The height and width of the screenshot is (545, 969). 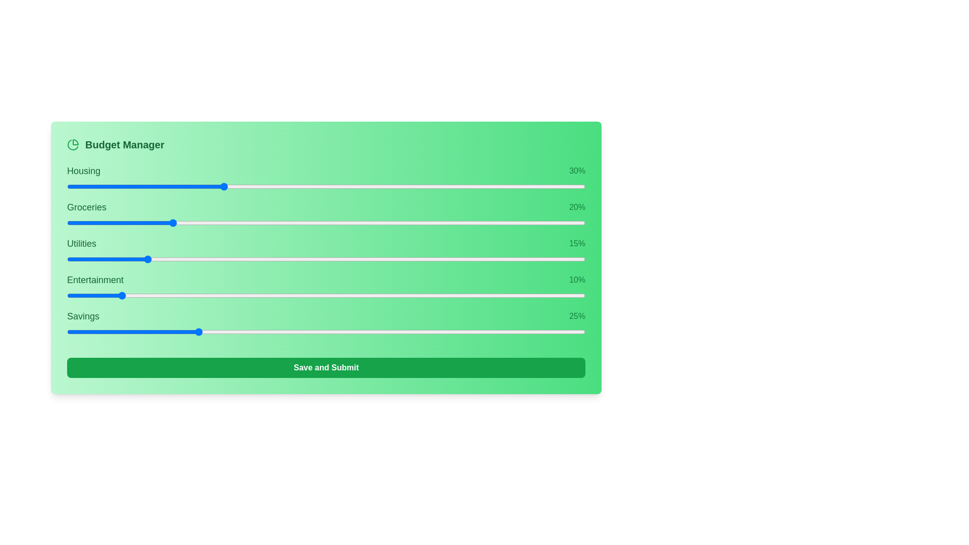 What do you see at coordinates (404, 295) in the screenshot?
I see `the slider for 3 to 30% allocation` at bounding box center [404, 295].